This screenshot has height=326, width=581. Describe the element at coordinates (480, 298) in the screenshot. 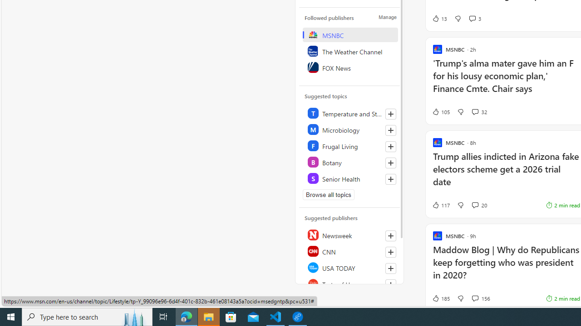

I see `'View comments 156 Comment'` at that location.